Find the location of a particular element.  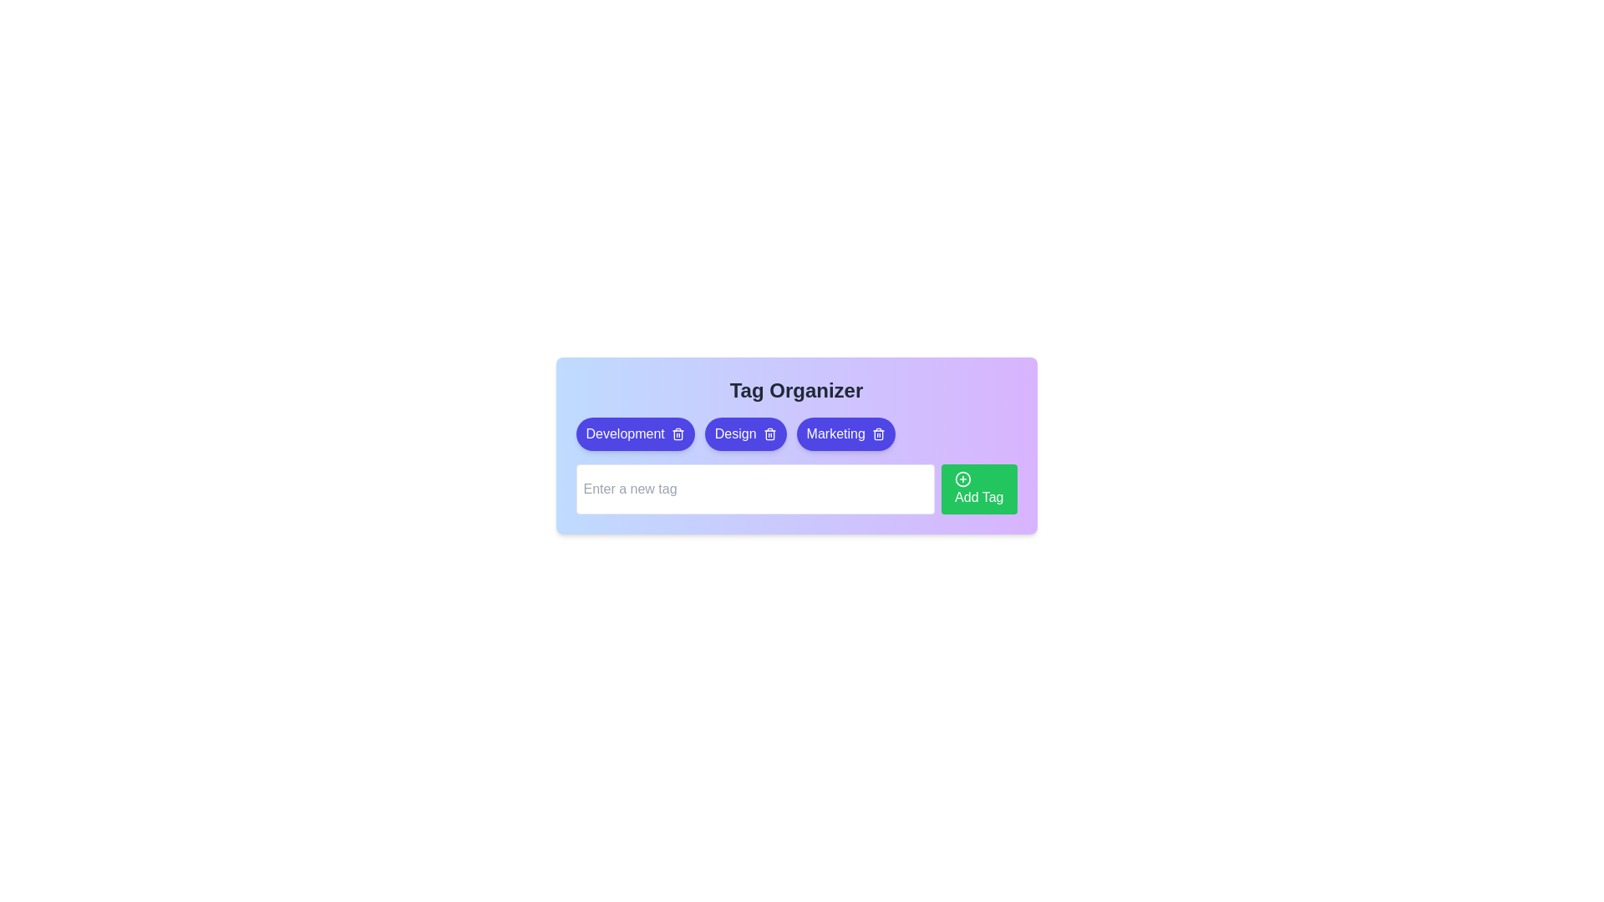

the 'Design' button located between the 'Development' and 'Marketing' buttons is located at coordinates (744, 433).